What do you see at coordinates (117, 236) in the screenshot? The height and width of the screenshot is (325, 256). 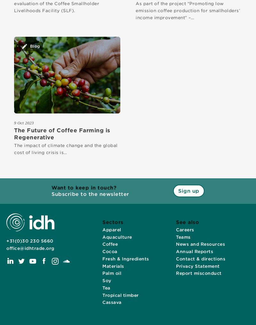 I see `'Aquaculture'` at bounding box center [117, 236].